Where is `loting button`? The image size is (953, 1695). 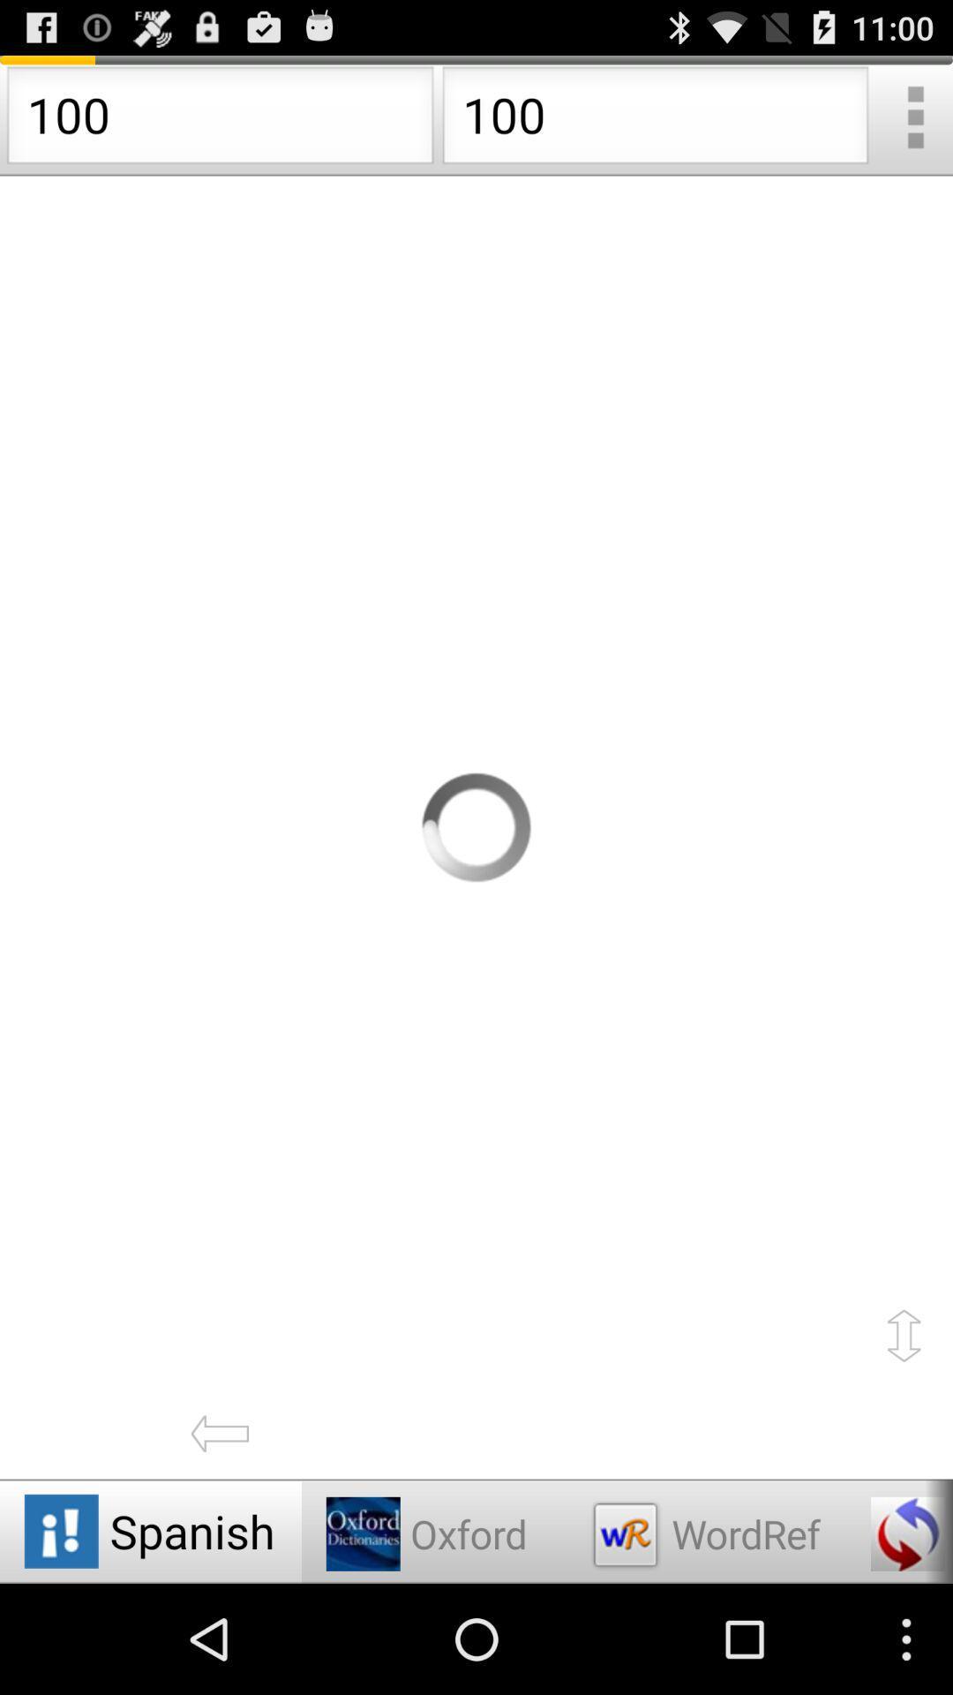 loting button is located at coordinates (476, 826).